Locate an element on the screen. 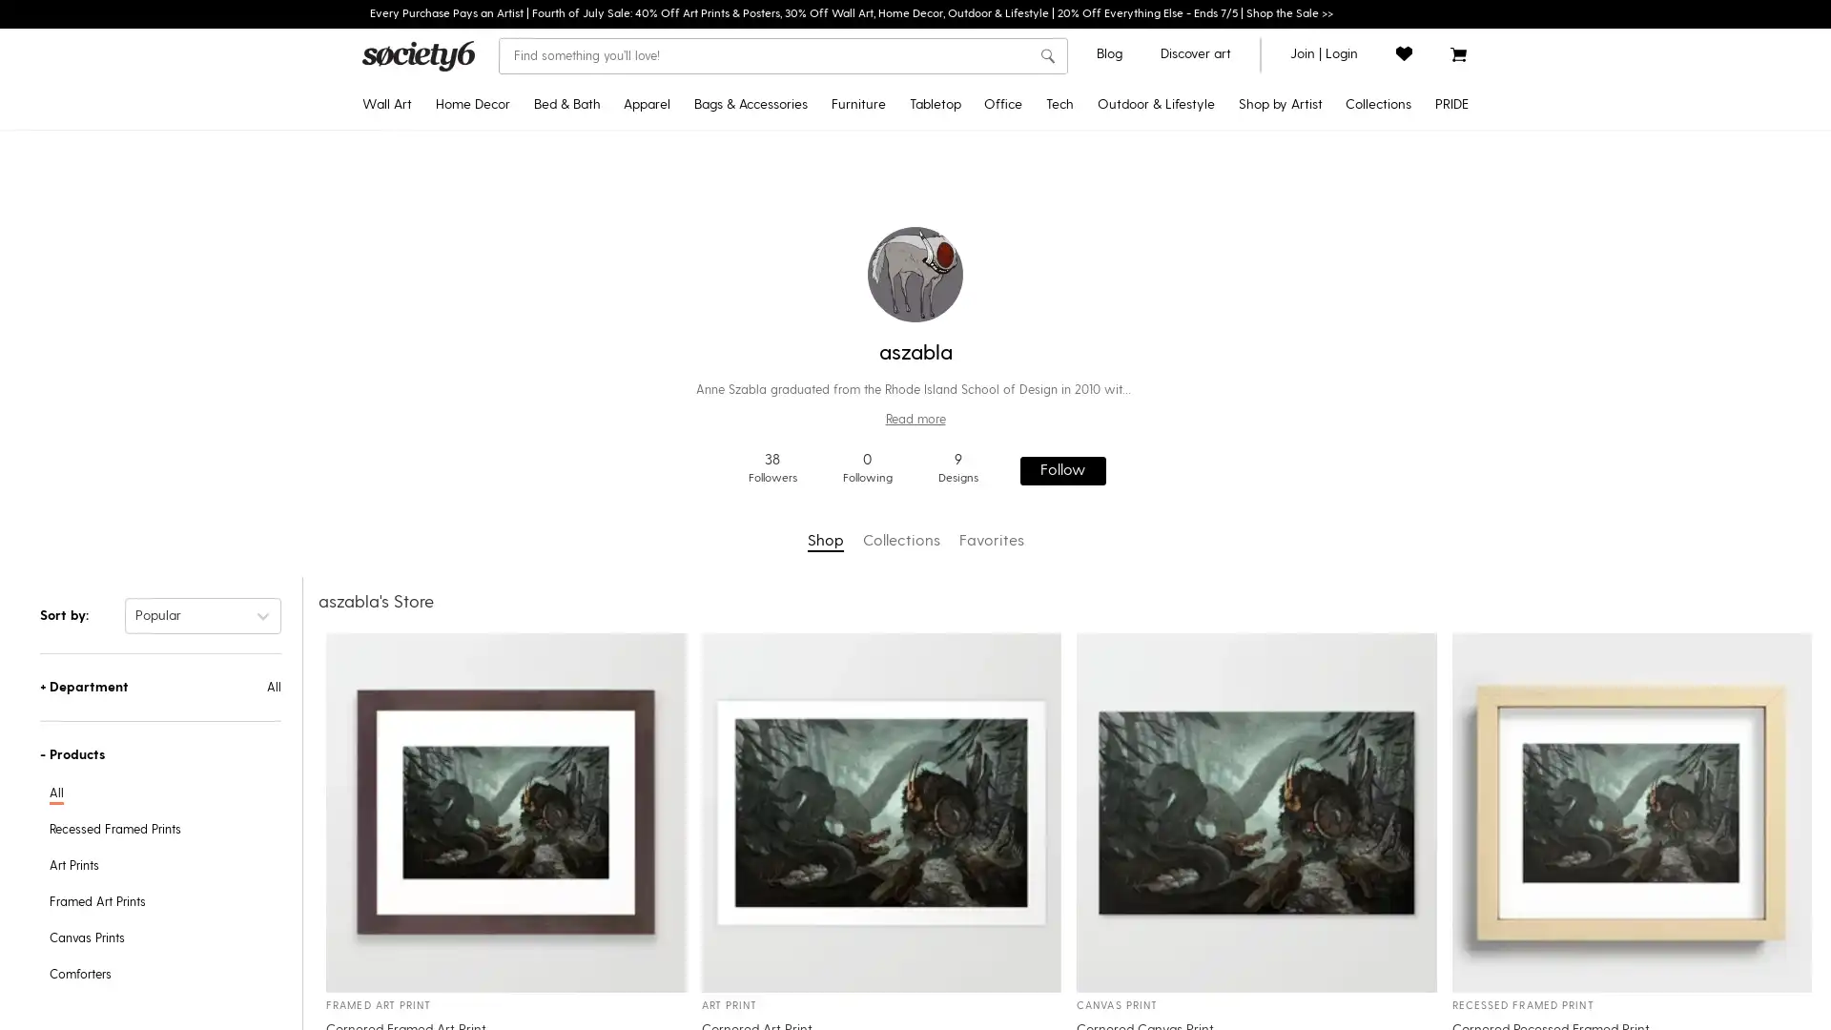 Image resolution: width=1831 pixels, height=1030 pixels. Sling Chairs is located at coordinates (1181, 491).